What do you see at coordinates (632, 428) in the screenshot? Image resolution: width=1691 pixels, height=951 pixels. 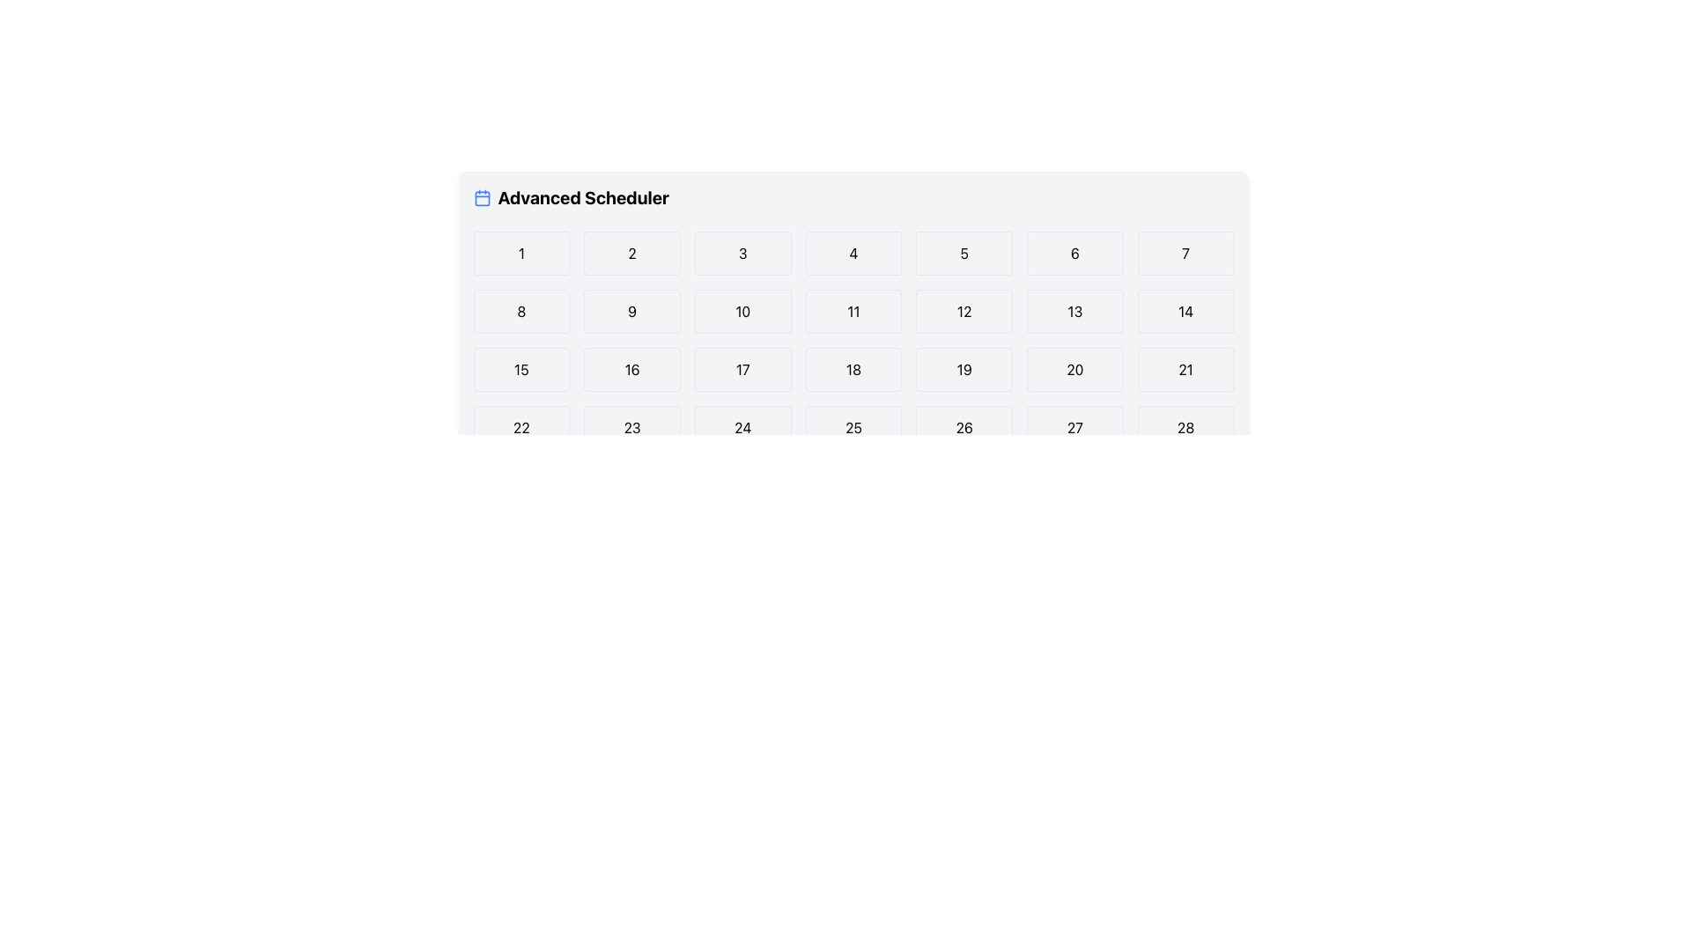 I see `the sixth cell in the fourth row of the grid` at bounding box center [632, 428].